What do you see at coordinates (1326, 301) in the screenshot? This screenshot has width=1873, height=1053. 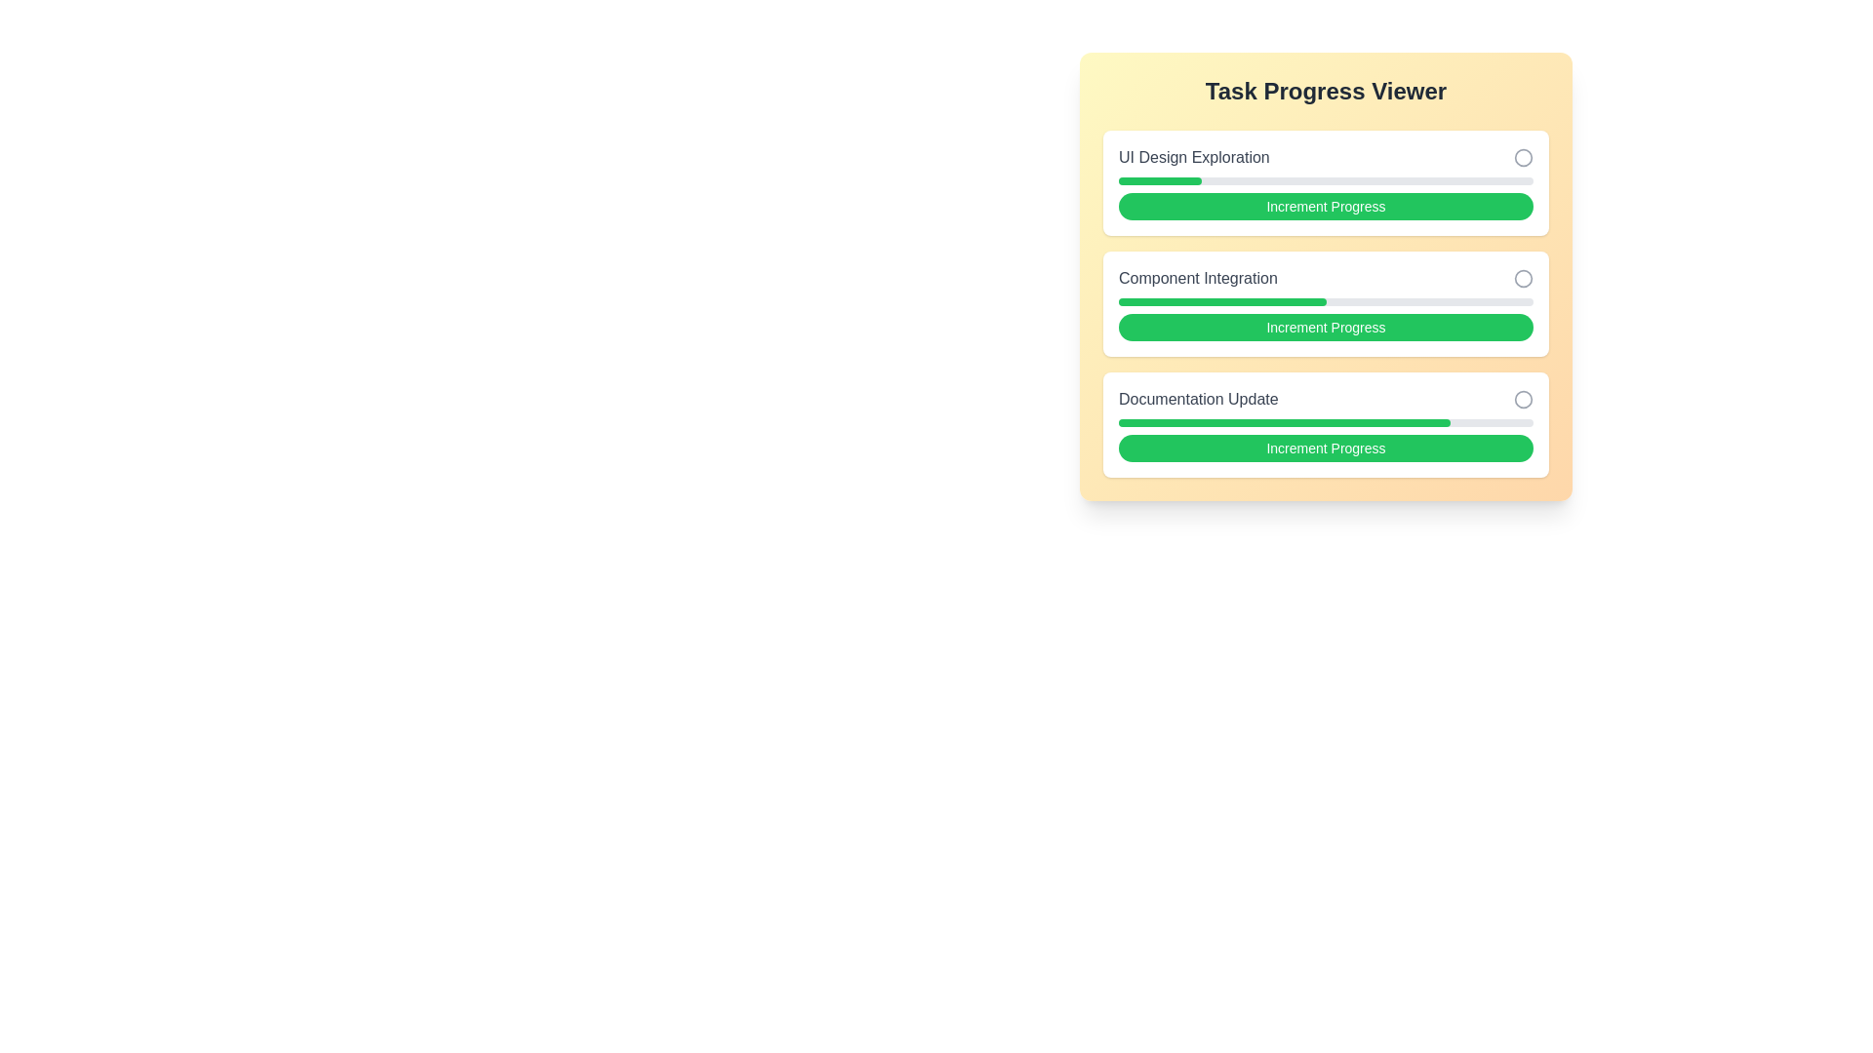 I see `the Progress Bar indicating 50% completion for the 'Component Integration' task, located below its label and above the 'Increment Progress' button` at bounding box center [1326, 301].